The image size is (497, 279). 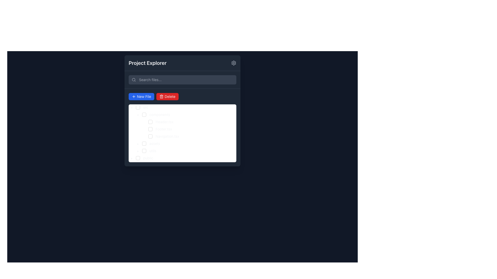 What do you see at coordinates (161, 97) in the screenshot?
I see `the trash can icon located on the leftmost part of the red 'Delete' button` at bounding box center [161, 97].